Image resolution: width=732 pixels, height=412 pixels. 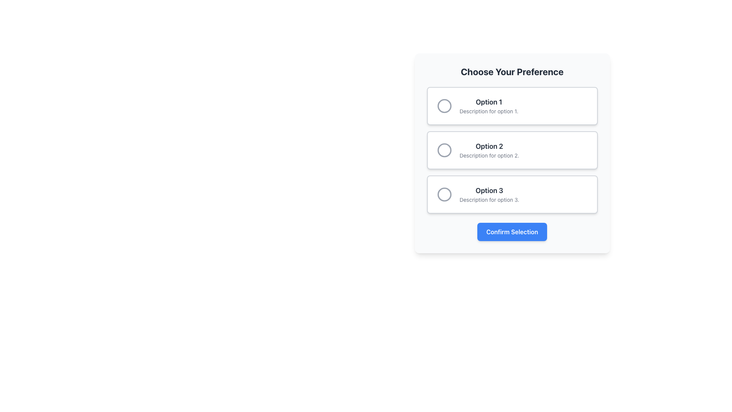 I want to click on the label containing the text 'Description for option 2.' which is styled in smaller gray font and positioned beneath the bold 'Option 2' label, so click(x=489, y=155).